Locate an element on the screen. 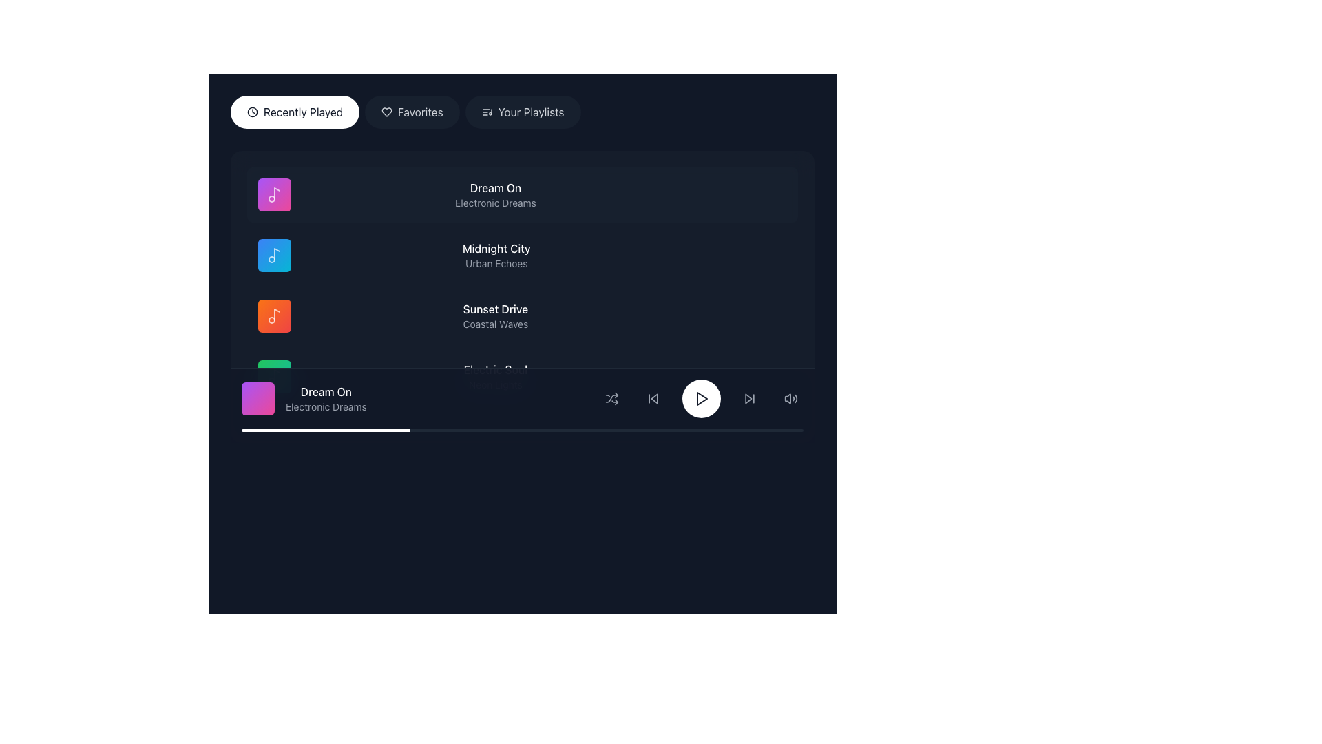 The width and height of the screenshot is (1322, 744). the circular button with three horizontally aligned dots on the far-right side of the media control interface is located at coordinates (776, 377).